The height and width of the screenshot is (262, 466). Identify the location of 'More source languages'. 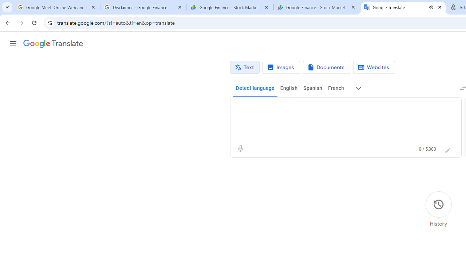
(359, 88).